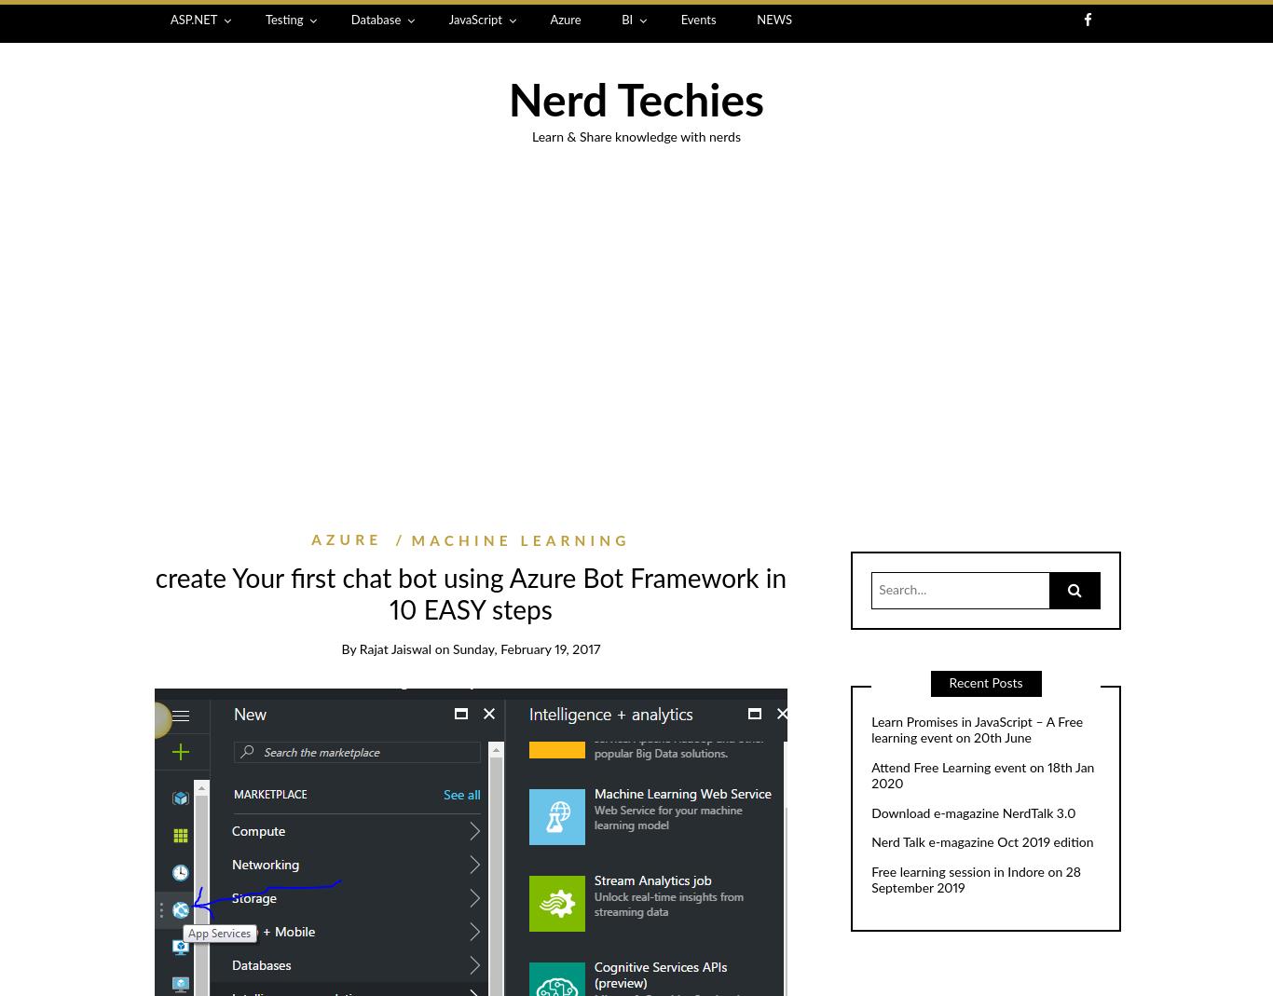  I want to click on 'Attend Free Learning event on 18th Jan 2020', so click(871, 775).